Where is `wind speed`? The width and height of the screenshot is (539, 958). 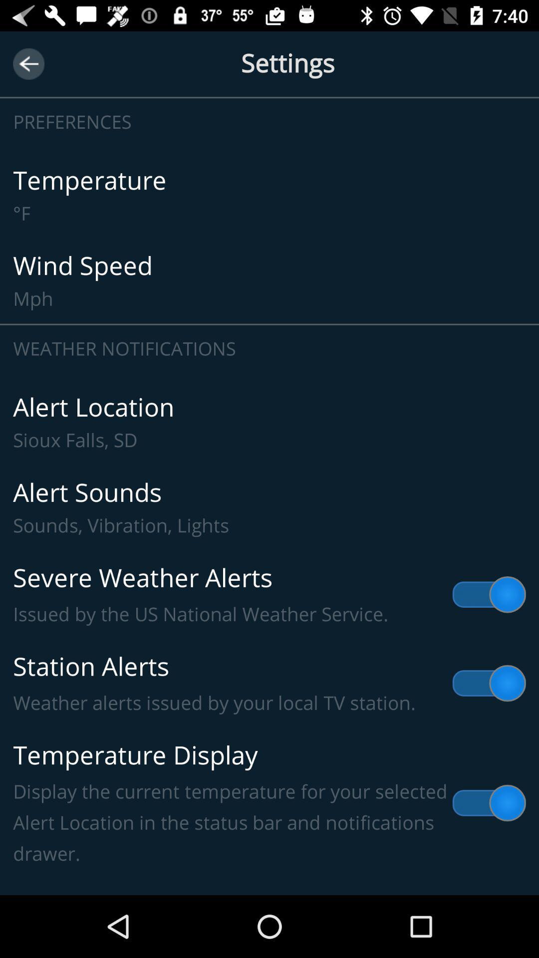 wind speed is located at coordinates (269, 280).